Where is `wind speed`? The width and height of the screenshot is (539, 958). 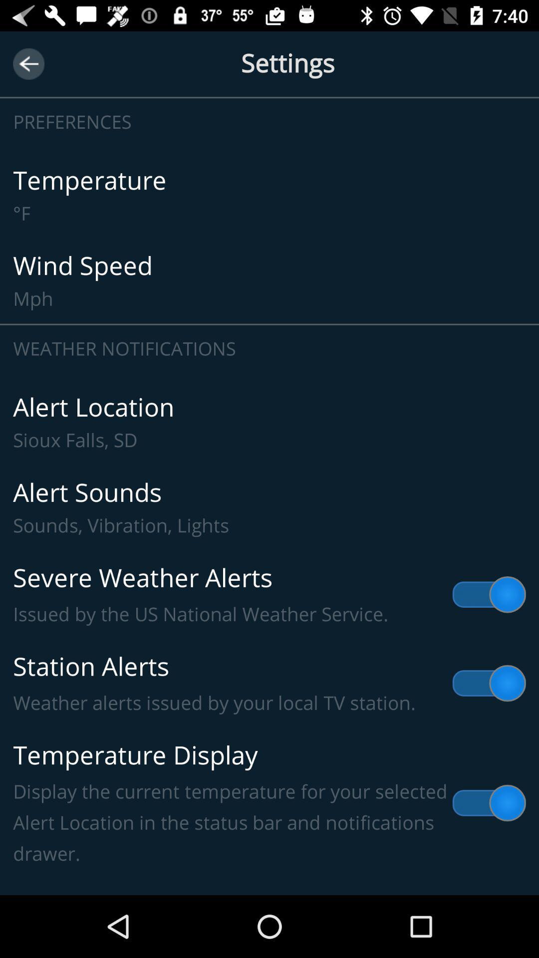 wind speed is located at coordinates (269, 280).